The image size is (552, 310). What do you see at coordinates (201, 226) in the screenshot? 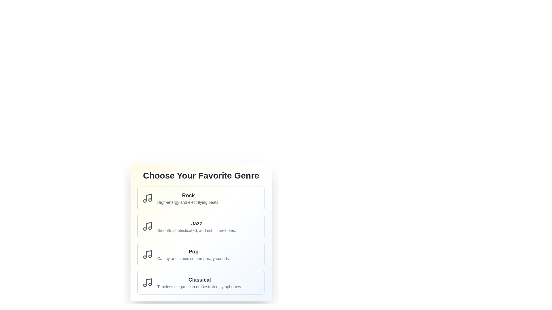
I see `the selectable list item for 'Jazz'` at bounding box center [201, 226].